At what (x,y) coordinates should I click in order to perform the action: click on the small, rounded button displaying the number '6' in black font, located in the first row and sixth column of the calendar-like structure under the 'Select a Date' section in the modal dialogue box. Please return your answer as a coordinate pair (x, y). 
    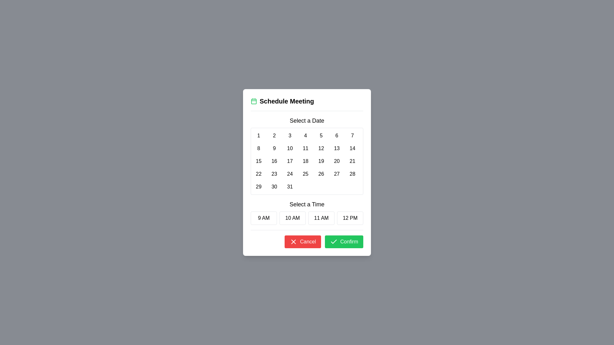
    Looking at the image, I should click on (336, 135).